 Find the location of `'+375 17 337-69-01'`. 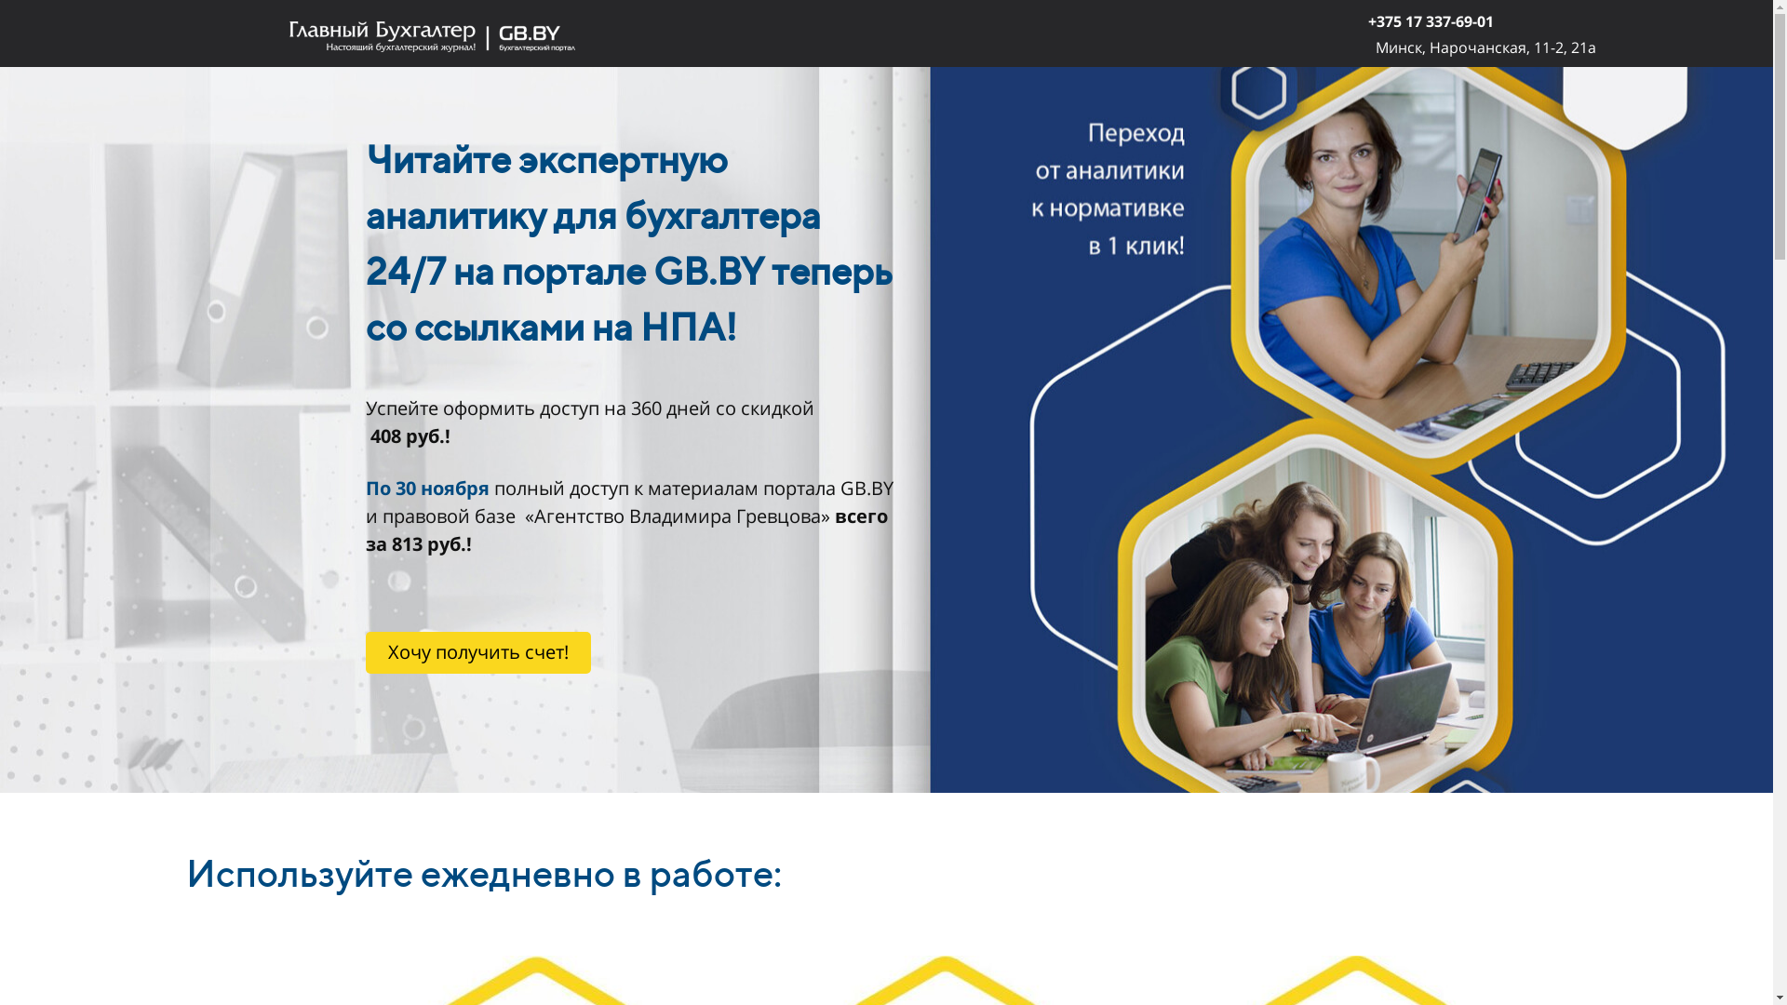

'+375 17 337-69-01' is located at coordinates (1430, 21).